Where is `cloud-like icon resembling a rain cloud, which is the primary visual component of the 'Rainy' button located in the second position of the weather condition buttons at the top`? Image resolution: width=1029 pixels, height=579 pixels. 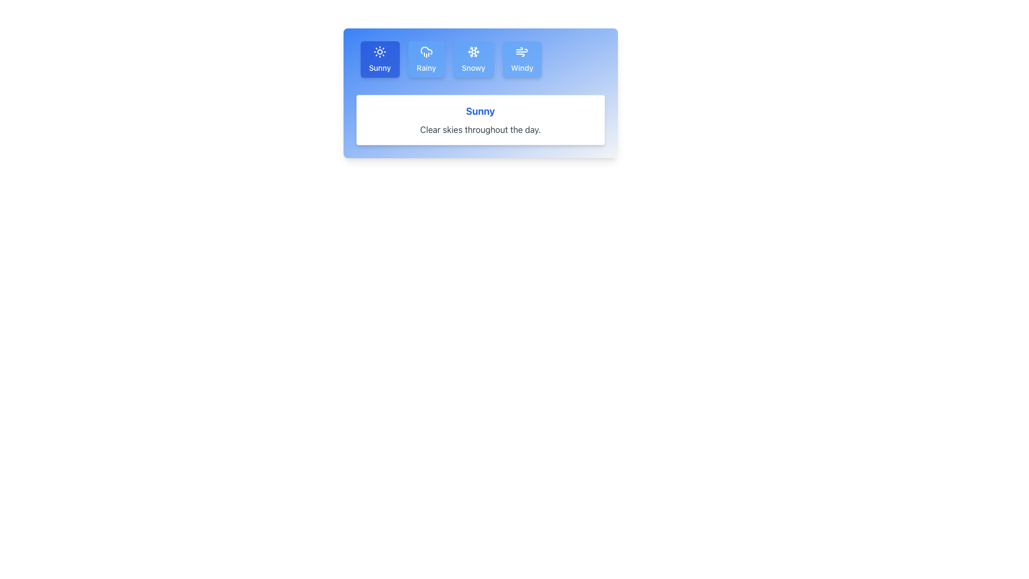
cloud-like icon resembling a rain cloud, which is the primary visual component of the 'Rainy' button located in the second position of the weather condition buttons at the top is located at coordinates (426, 50).